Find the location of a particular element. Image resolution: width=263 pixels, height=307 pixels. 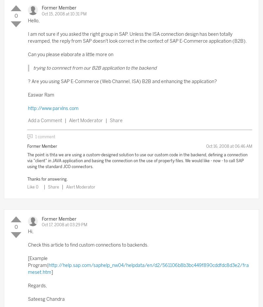

'Oct 15, 2008 at 10:31 PM' is located at coordinates (63, 13).